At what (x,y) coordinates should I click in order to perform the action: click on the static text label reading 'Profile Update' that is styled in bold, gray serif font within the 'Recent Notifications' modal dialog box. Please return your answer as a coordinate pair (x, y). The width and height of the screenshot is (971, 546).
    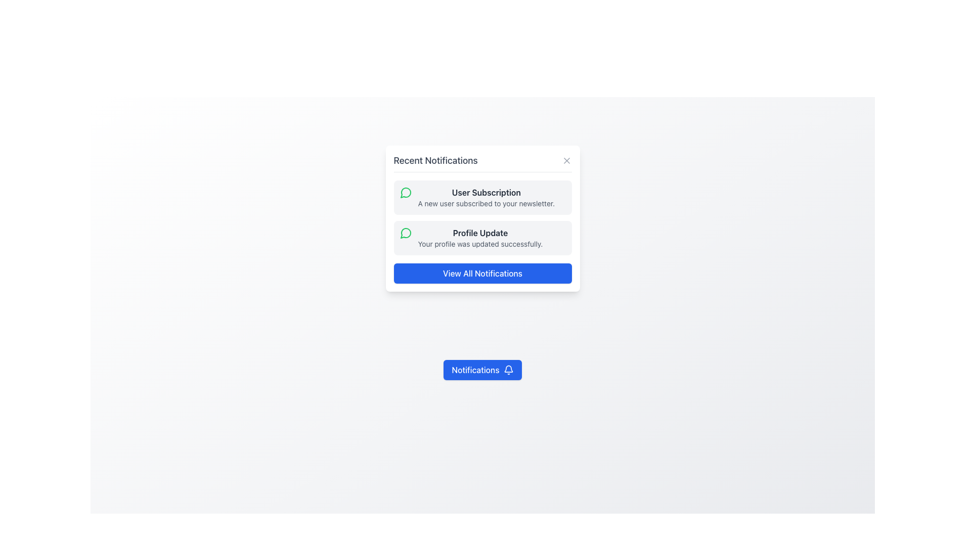
    Looking at the image, I should click on (480, 233).